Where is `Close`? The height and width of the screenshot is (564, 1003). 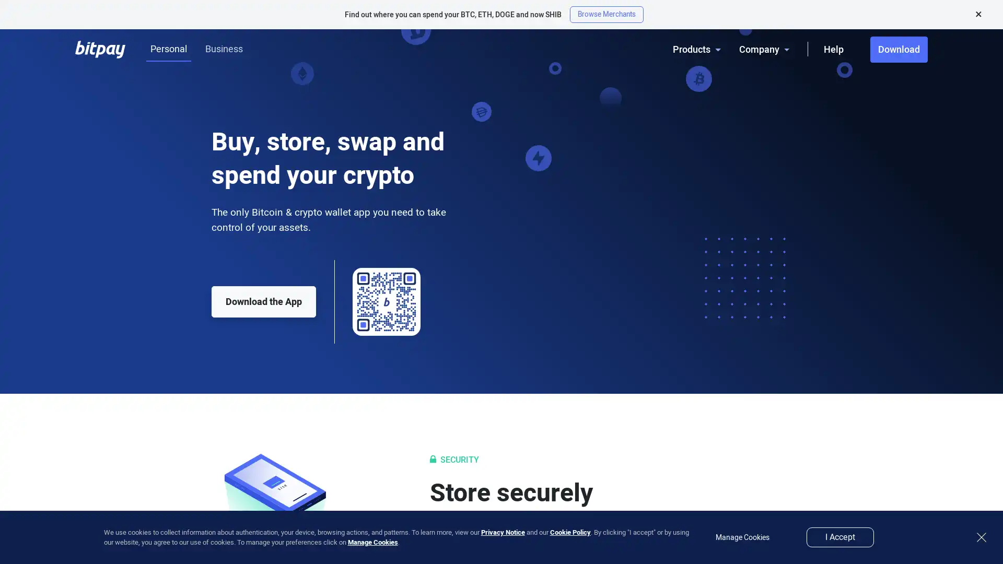 Close is located at coordinates (978, 14).